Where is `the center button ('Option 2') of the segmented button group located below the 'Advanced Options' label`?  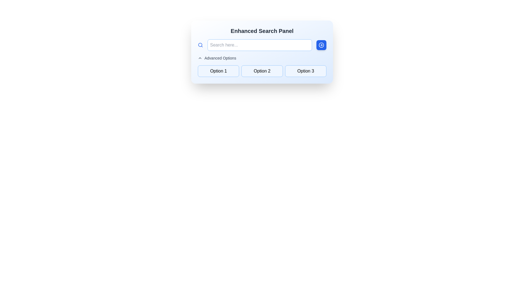 the center button ('Option 2') of the segmented button group located below the 'Advanced Options' label is located at coordinates (262, 71).